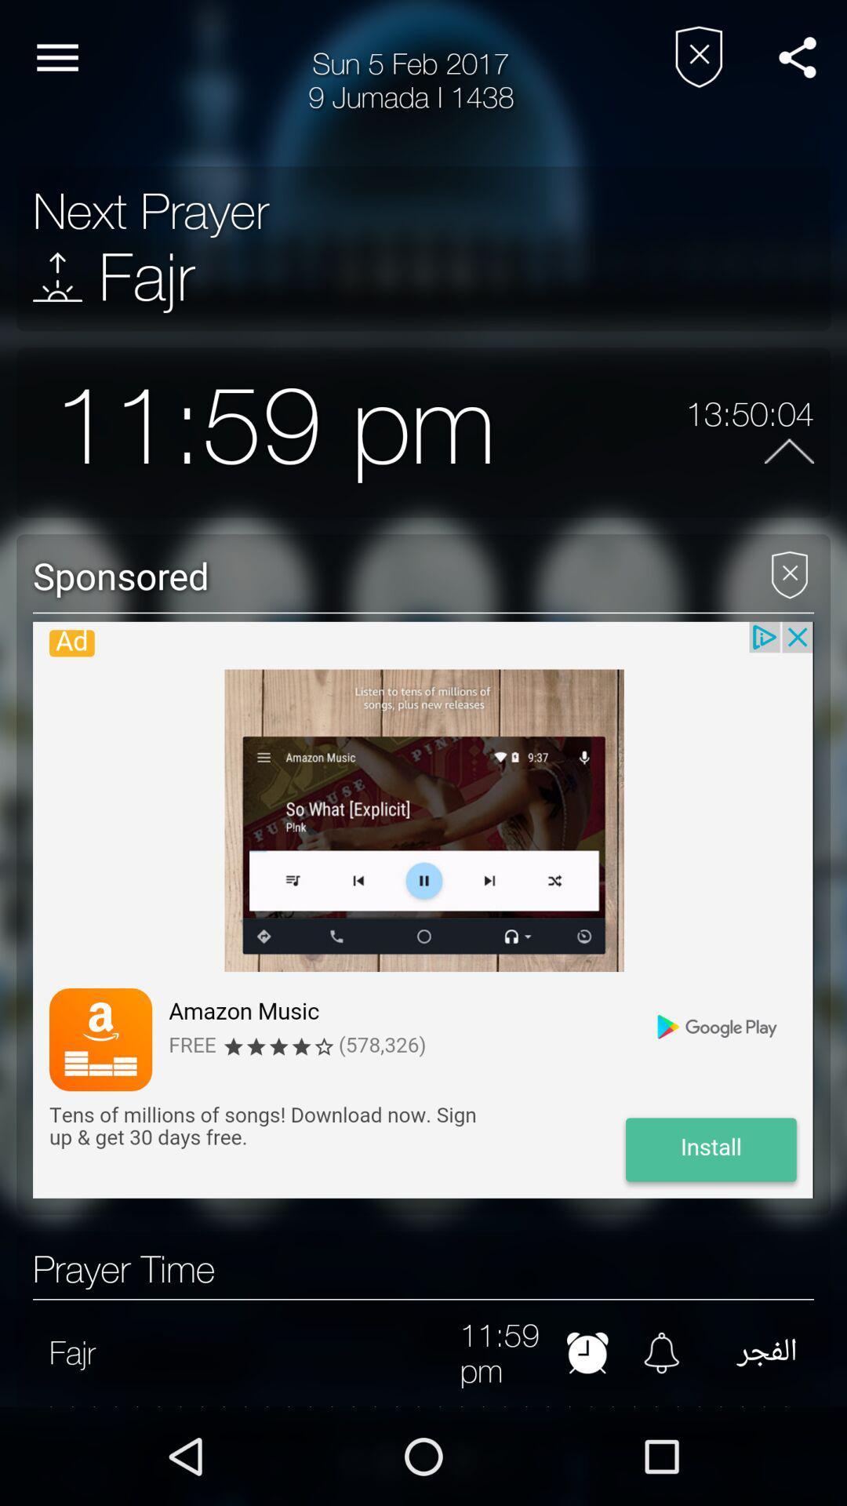 This screenshot has width=847, height=1506. Describe the element at coordinates (587, 1351) in the screenshot. I see `clock timer` at that location.